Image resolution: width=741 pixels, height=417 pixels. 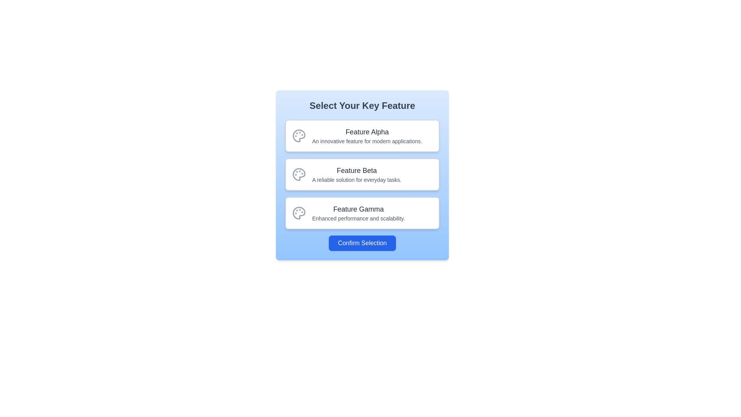 What do you see at coordinates (358, 209) in the screenshot?
I see `the Text label that serves as a title or label for the specific feature, located above the subtitle 'Enhanced performance and scalability', and aligned with the icon on the left` at bounding box center [358, 209].